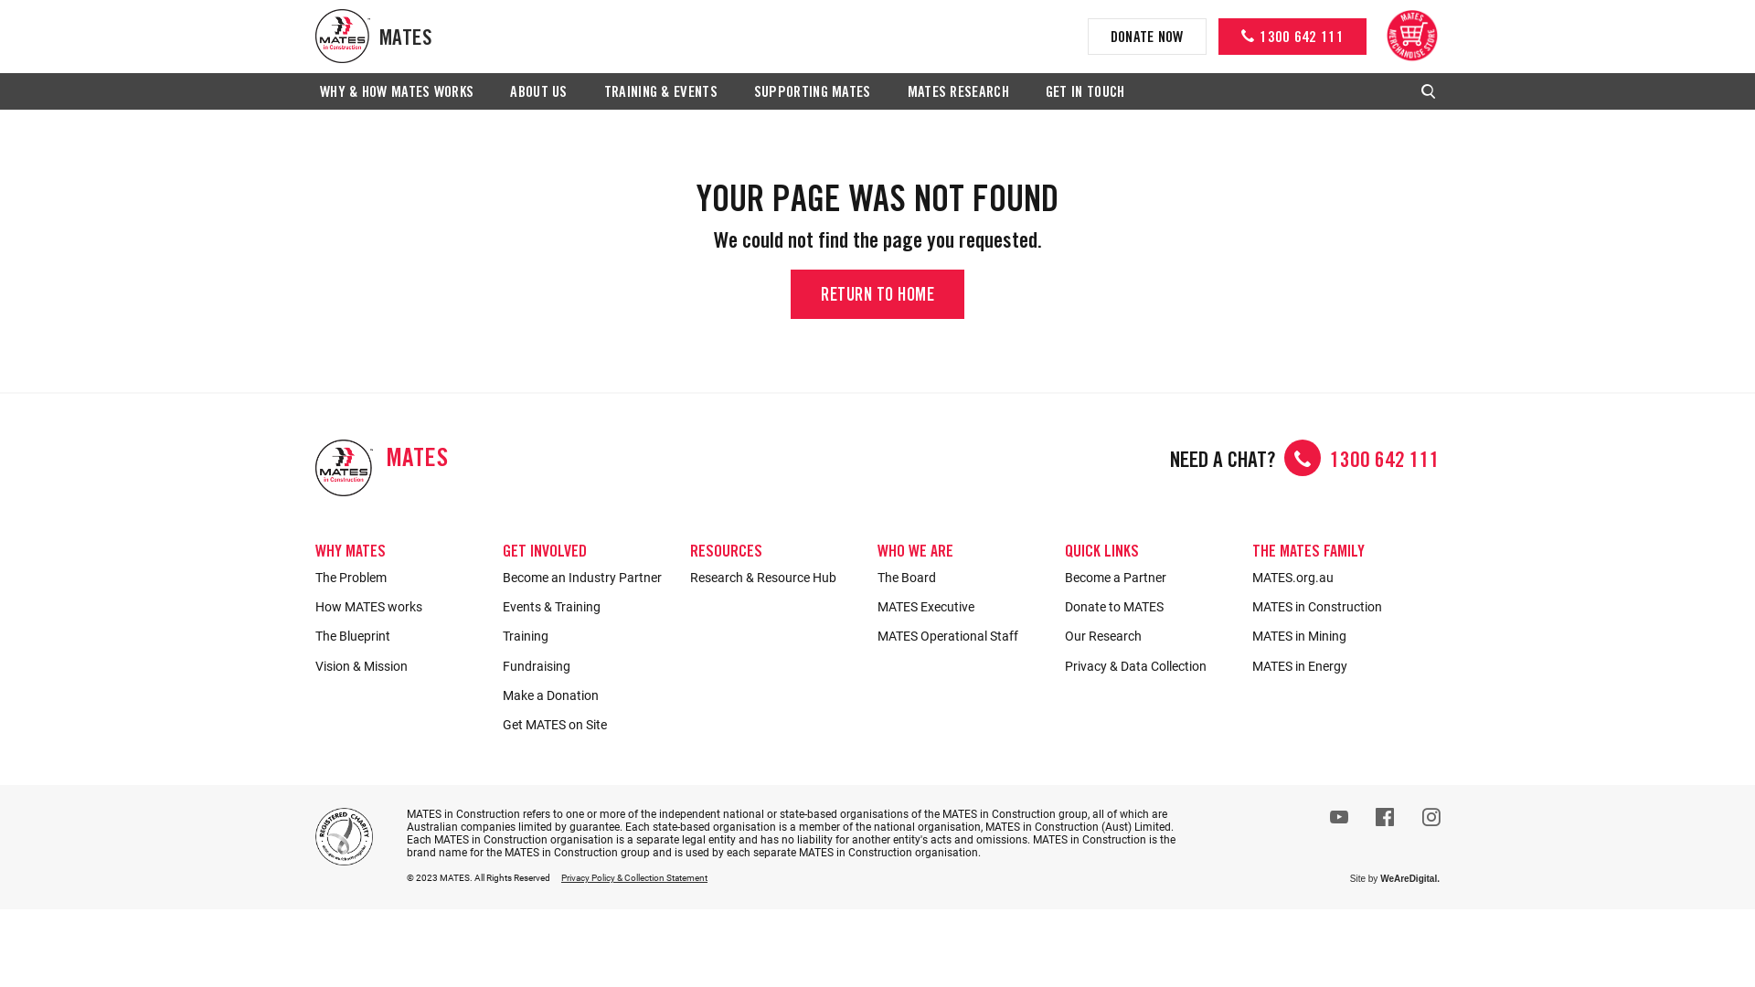 This screenshot has height=987, width=1755. What do you see at coordinates (537, 92) in the screenshot?
I see `'ABOUT US'` at bounding box center [537, 92].